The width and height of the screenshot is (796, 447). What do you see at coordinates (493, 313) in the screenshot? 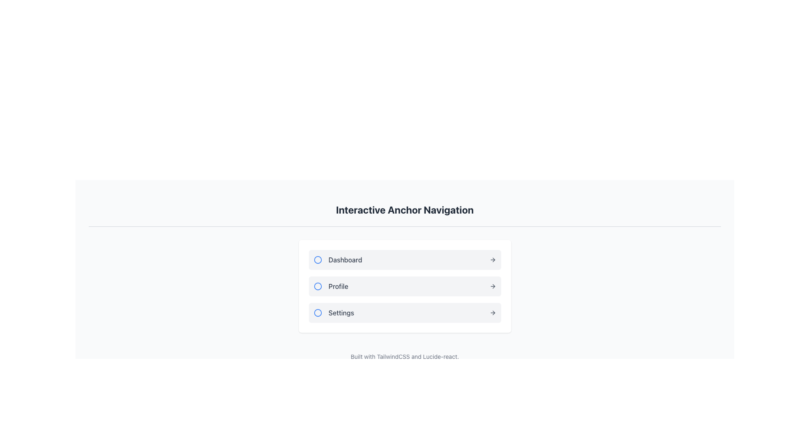
I see `the navigational arrow icon located to the right of the 'Settings' text` at bounding box center [493, 313].